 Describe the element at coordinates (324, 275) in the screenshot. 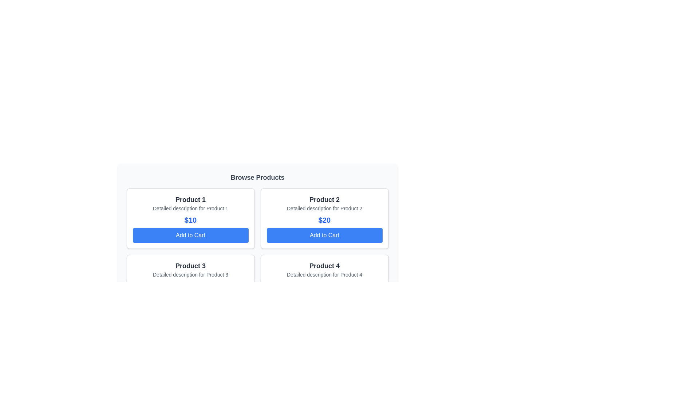

I see `the informative text element providing a description of 'Product 4', which is located beneath the product title and above the price` at that location.